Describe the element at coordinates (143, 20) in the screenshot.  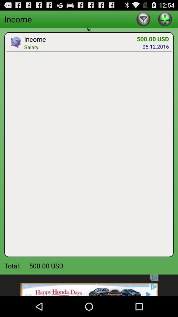
I see `the filter icon` at that location.